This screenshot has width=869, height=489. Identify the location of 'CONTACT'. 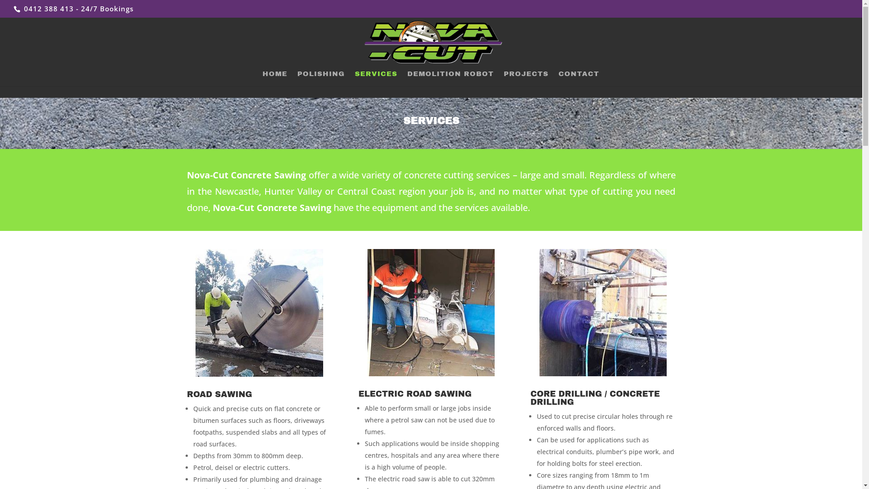
(578, 78).